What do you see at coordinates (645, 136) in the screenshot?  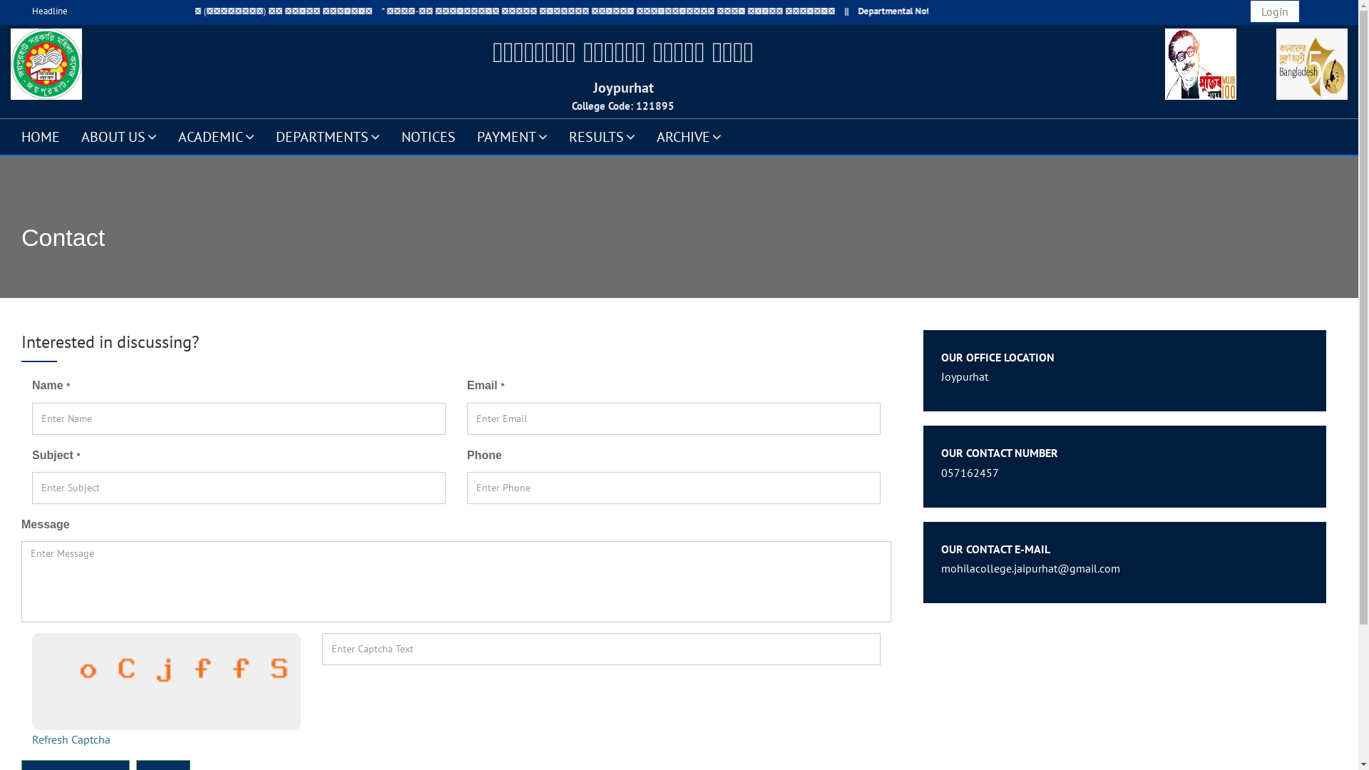 I see `'ARCHIVE'` at bounding box center [645, 136].